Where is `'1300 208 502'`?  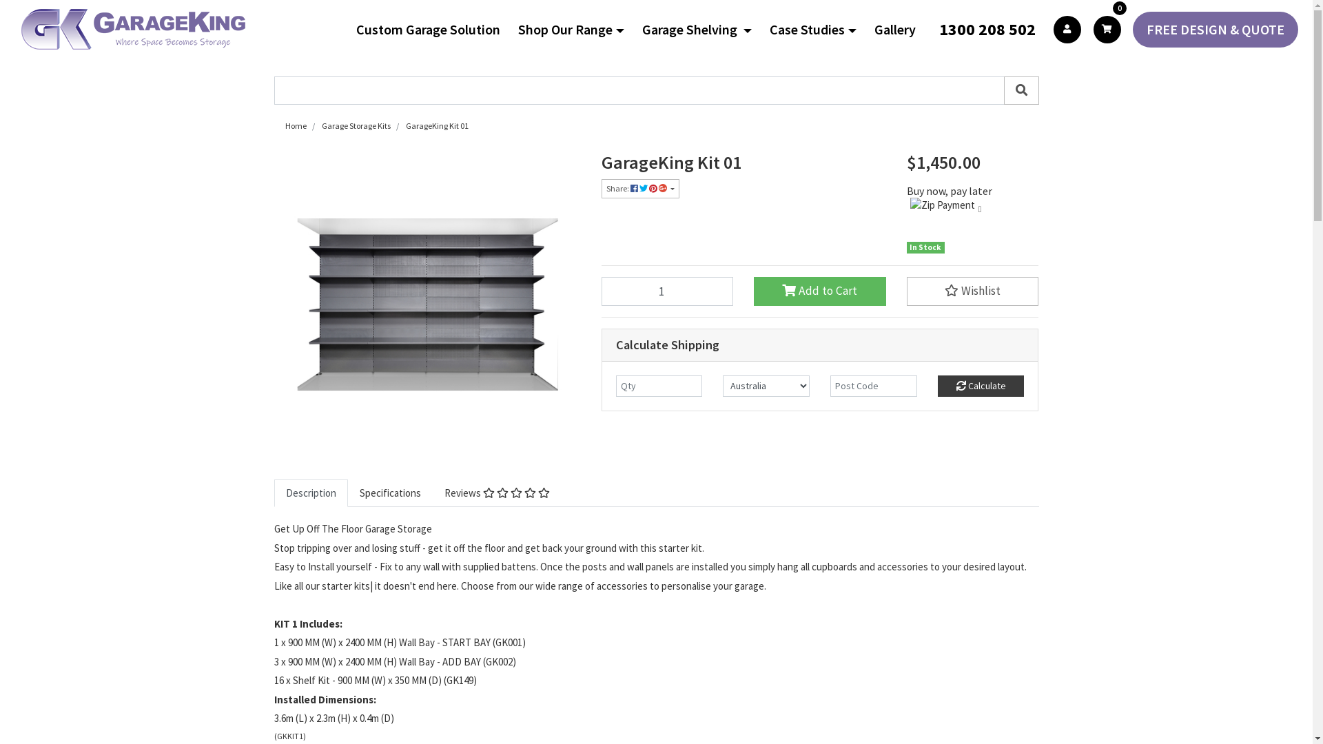
'1300 208 502' is located at coordinates (933, 29).